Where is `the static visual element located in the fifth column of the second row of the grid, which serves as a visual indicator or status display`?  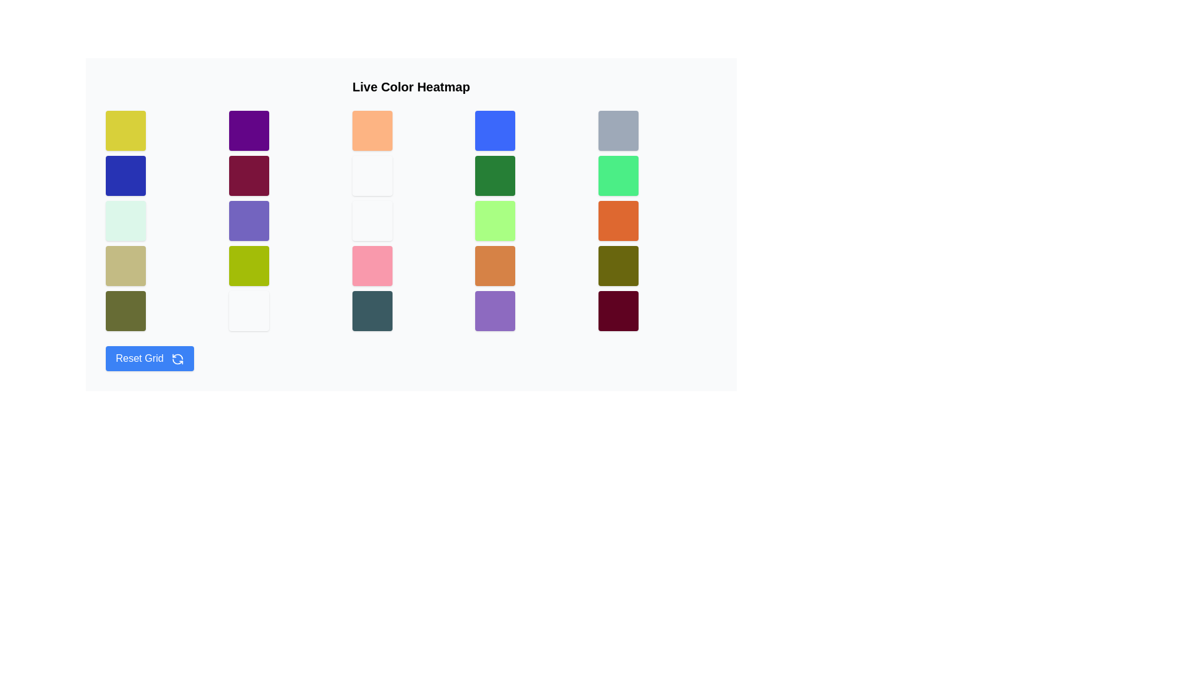
the static visual element located in the fifth column of the second row of the grid, which serves as a visual indicator or status display is located at coordinates (619, 176).